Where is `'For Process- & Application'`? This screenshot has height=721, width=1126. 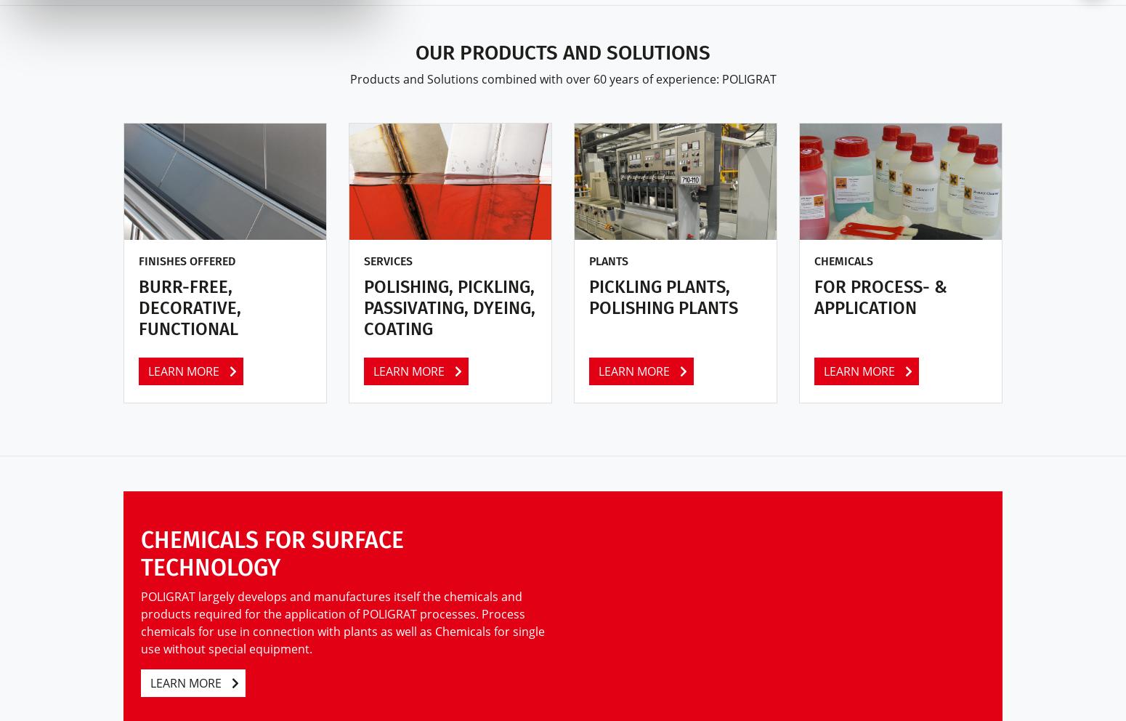 'For Process- & Application' is located at coordinates (880, 297).